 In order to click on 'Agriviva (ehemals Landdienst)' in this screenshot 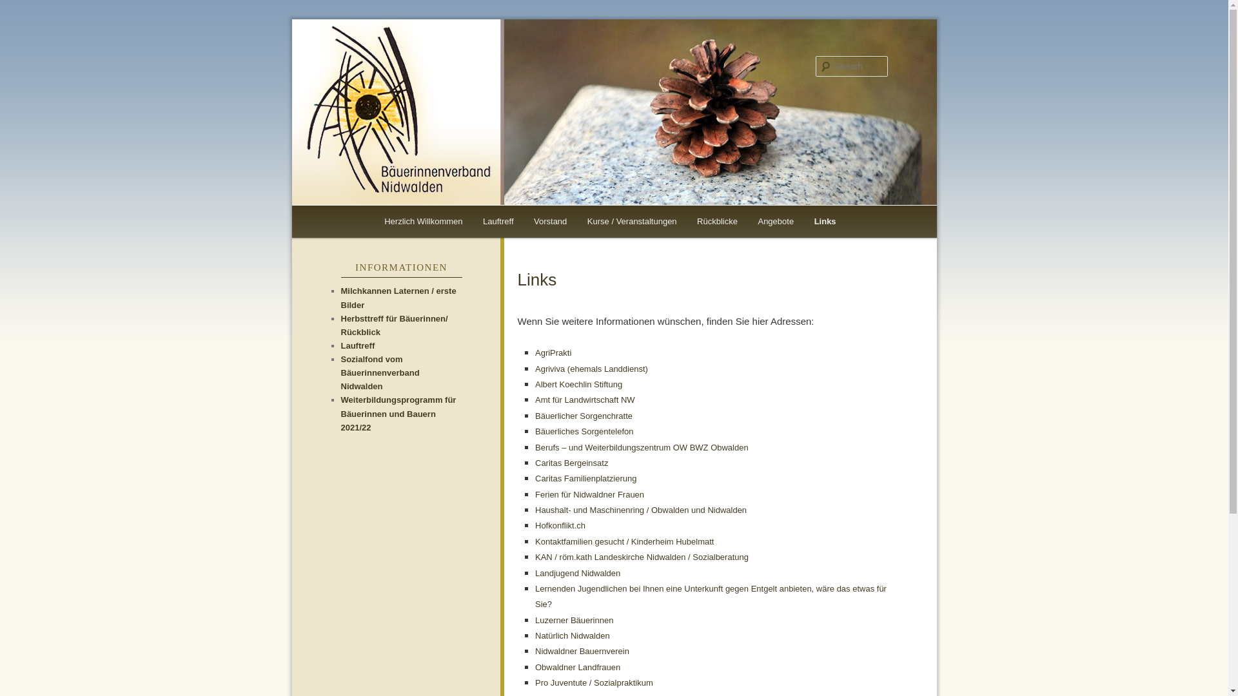, I will do `click(591, 369)`.